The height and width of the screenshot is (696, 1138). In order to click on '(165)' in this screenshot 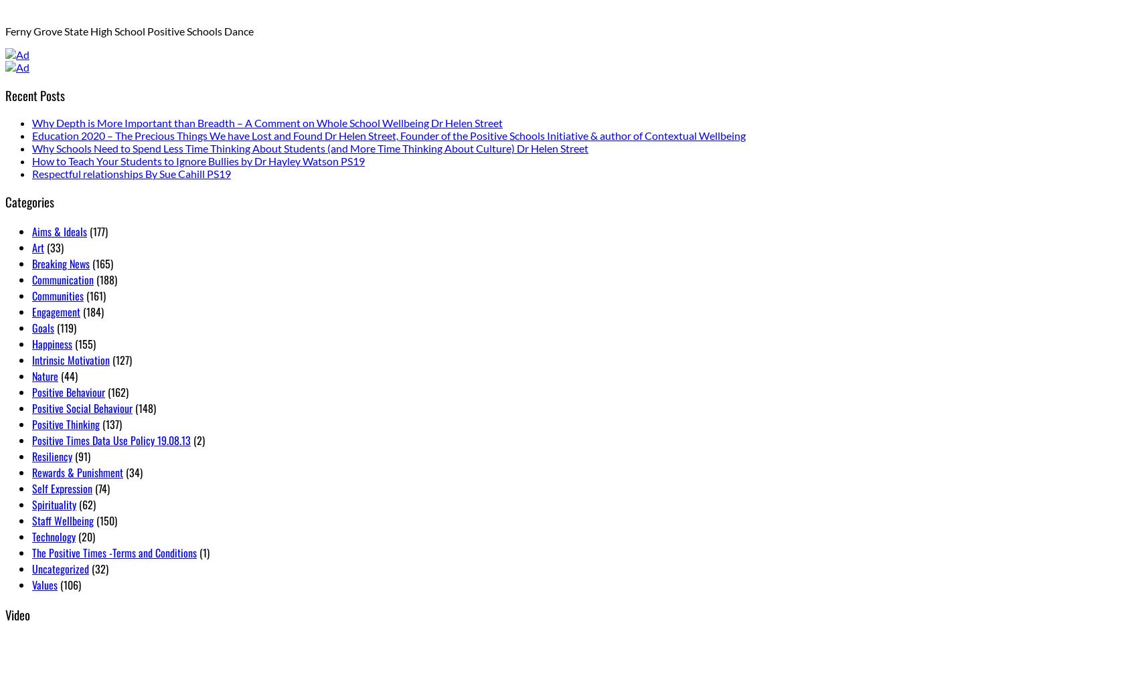, I will do `click(100, 263)`.